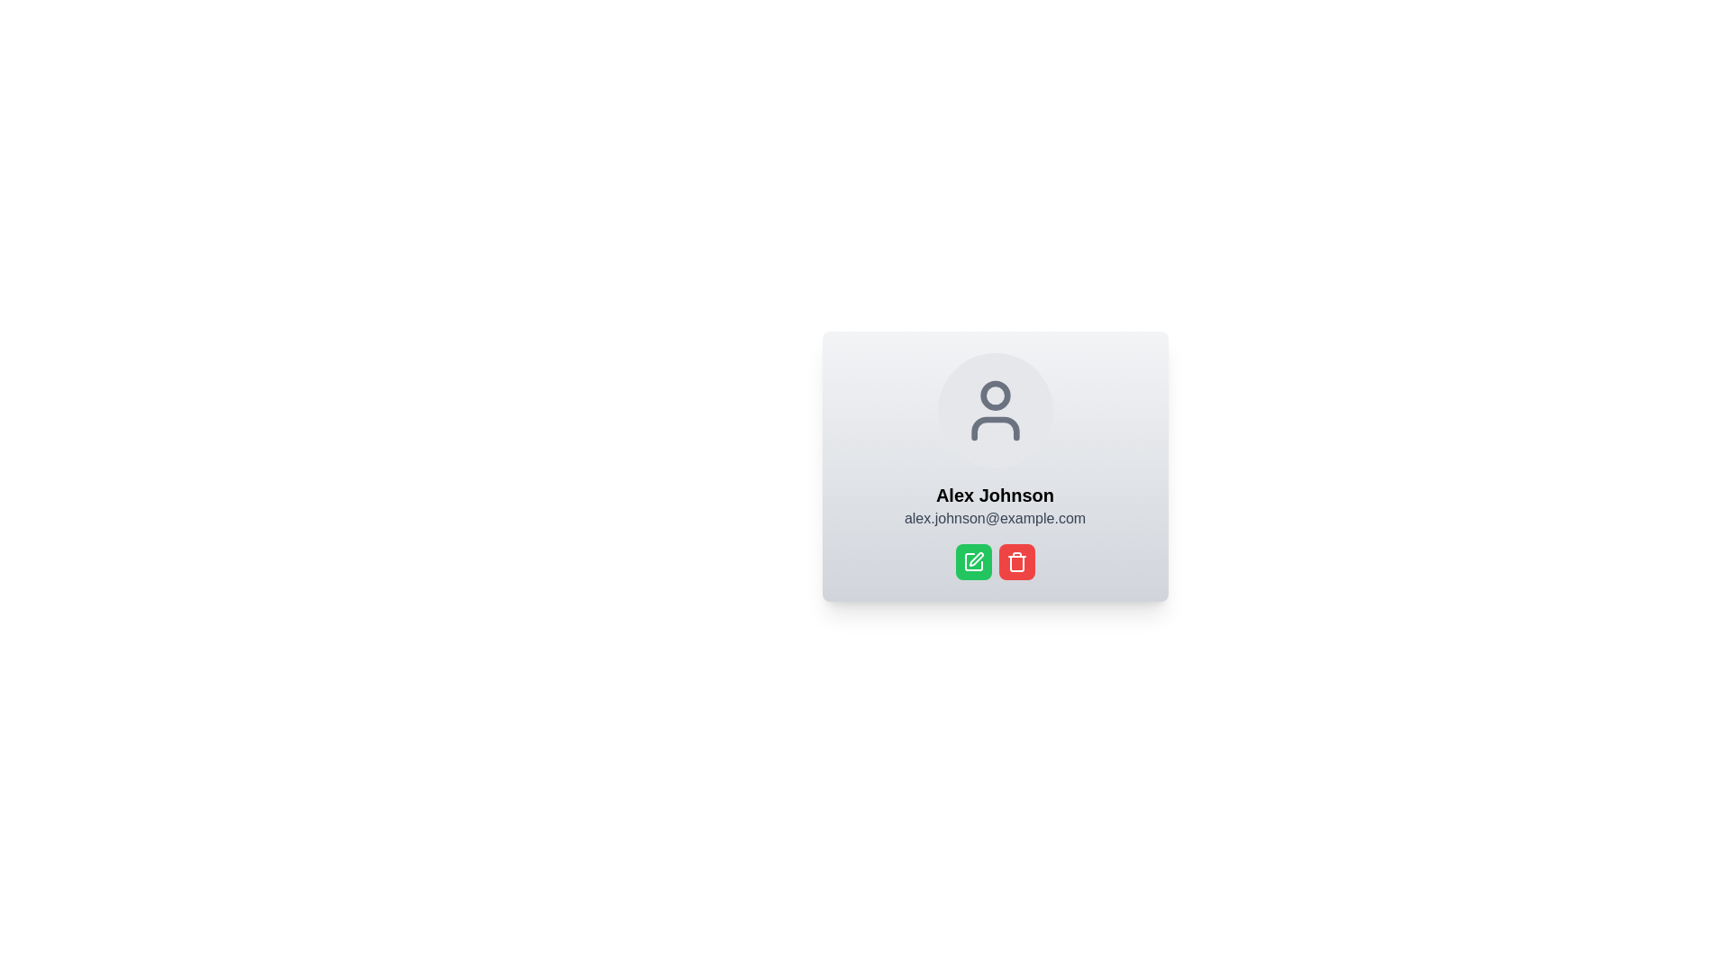 The width and height of the screenshot is (1730, 973). What do you see at coordinates (972, 561) in the screenshot?
I see `the square icon with a pen symbol inside, which is styled in a modern green background` at bounding box center [972, 561].